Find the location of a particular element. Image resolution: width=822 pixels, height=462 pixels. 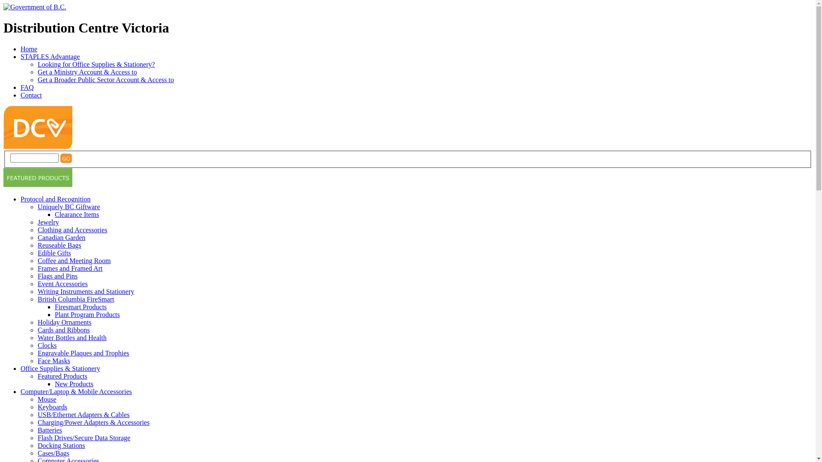

'Reuseable Bags' is located at coordinates (59, 245).